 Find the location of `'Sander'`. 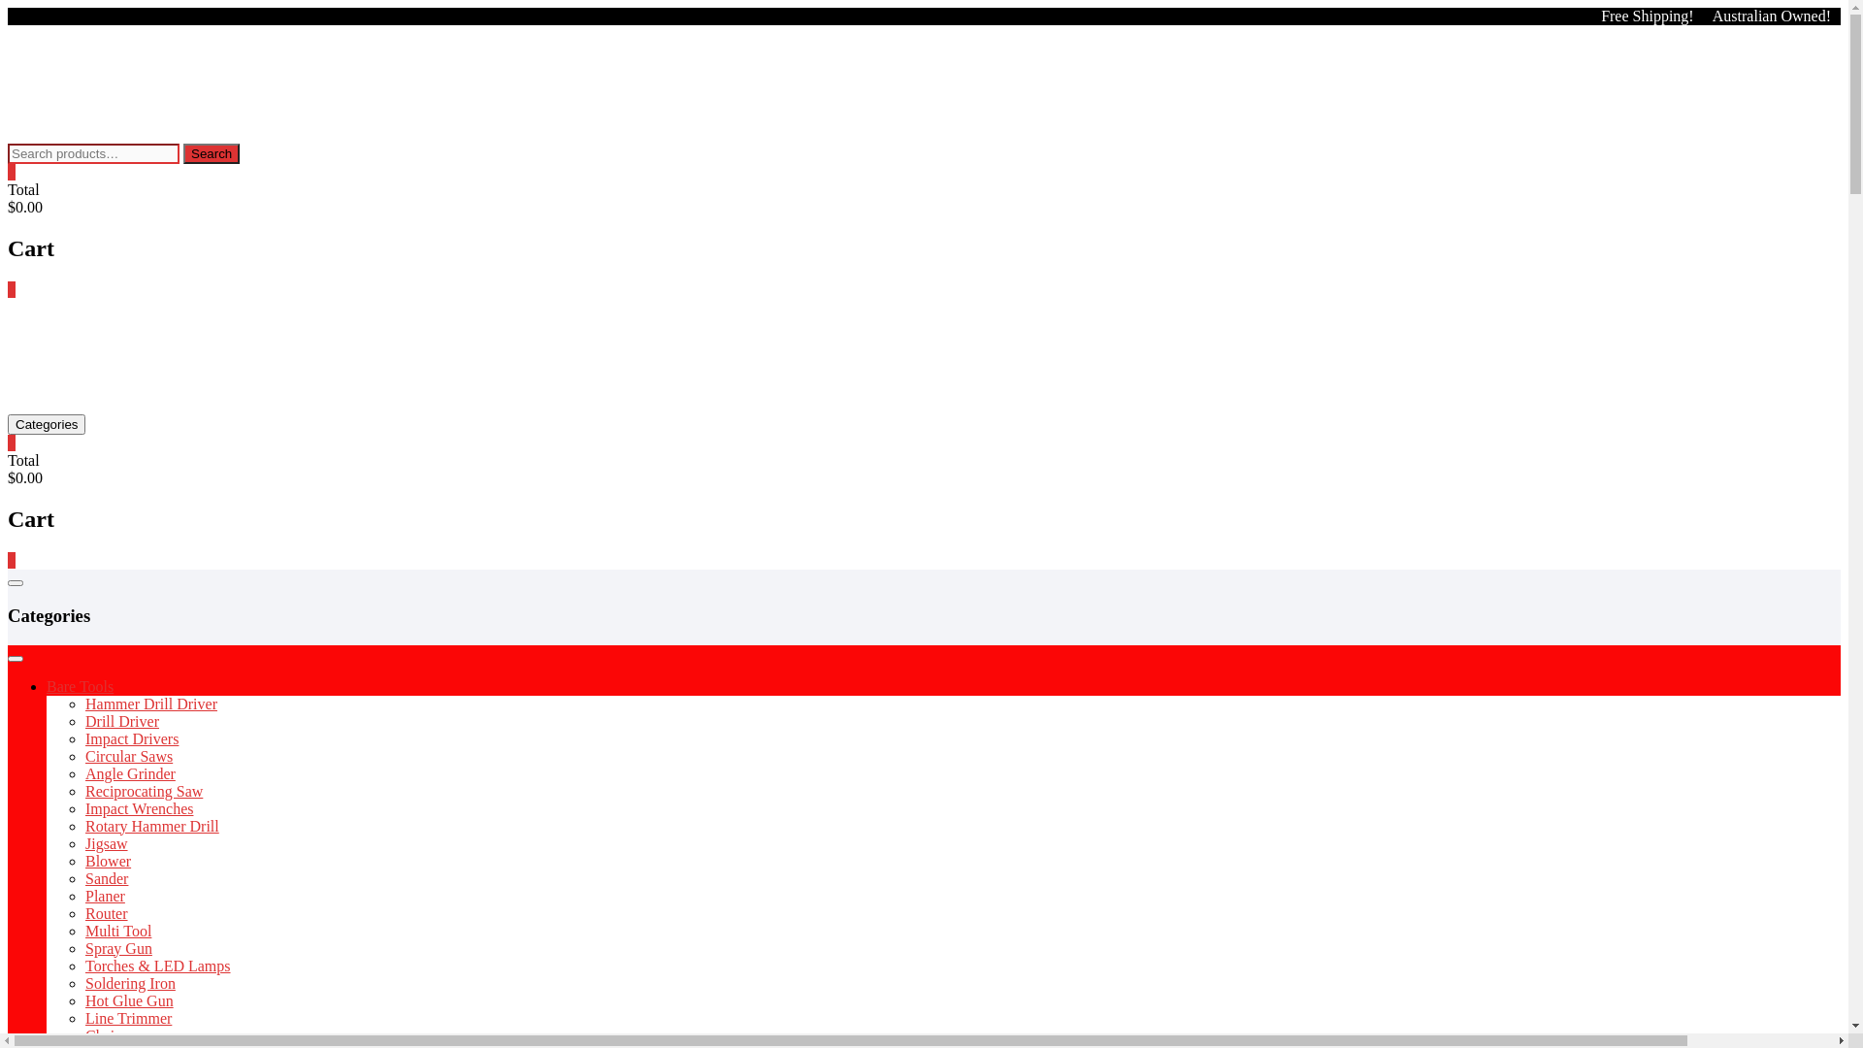

'Sander' is located at coordinates (83, 878).